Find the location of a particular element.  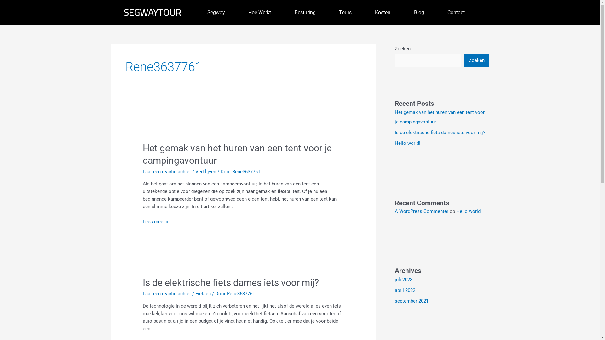

'Laat een reactie achter' is located at coordinates (142, 294).